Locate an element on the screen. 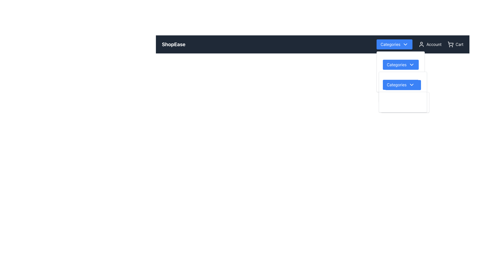 The width and height of the screenshot is (482, 271). the second 'Categories' button in the dropdown menu, which has white text on a blue background and a downward-facing arrow to the right is located at coordinates (400, 85).